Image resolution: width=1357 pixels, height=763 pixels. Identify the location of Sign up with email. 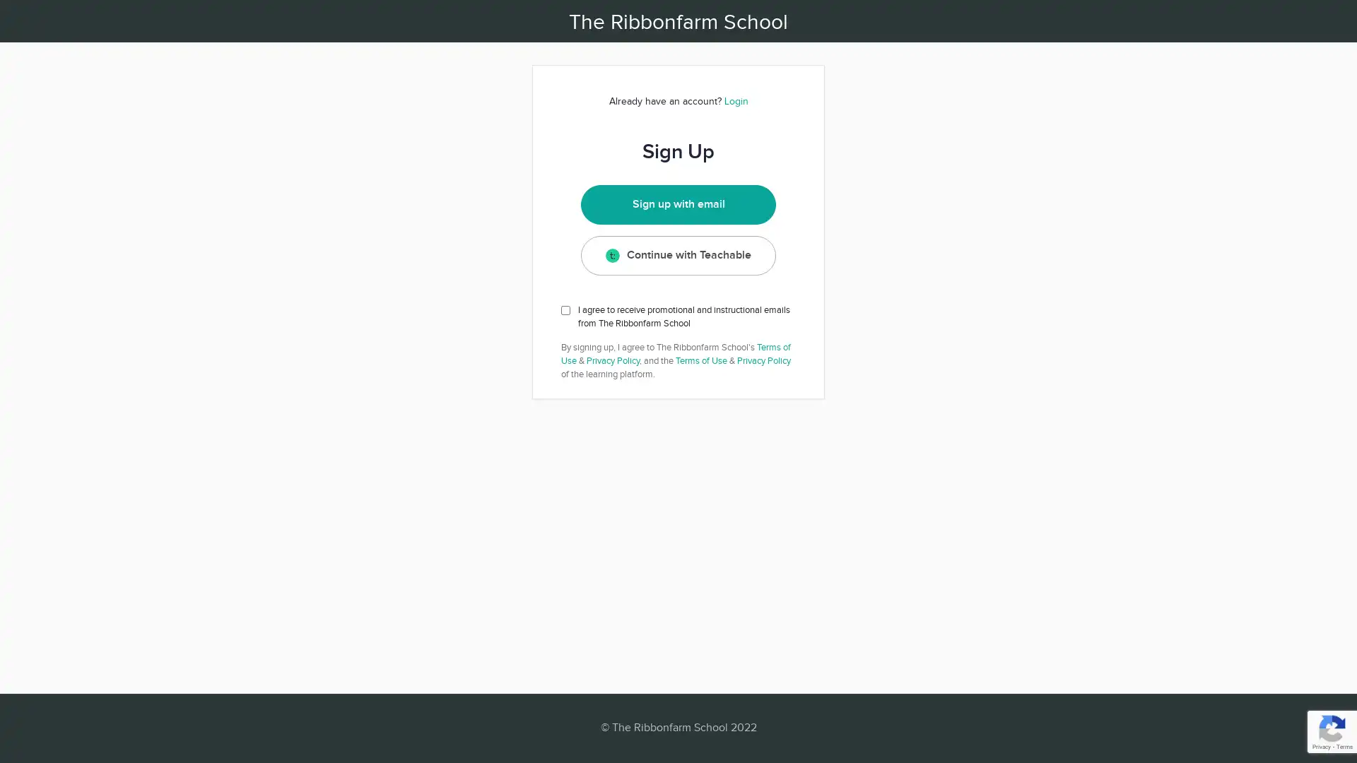
(677, 204).